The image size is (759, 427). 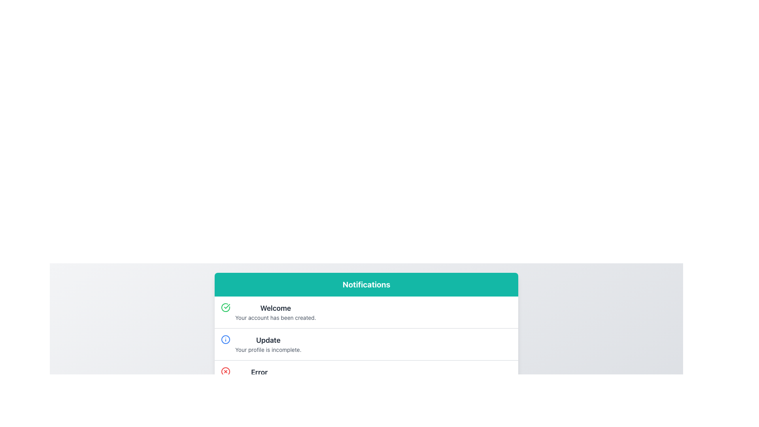 I want to click on message content from the Notification Card that indicates the user's account has been successfully created, located at the top section of the notification list, so click(x=366, y=312).